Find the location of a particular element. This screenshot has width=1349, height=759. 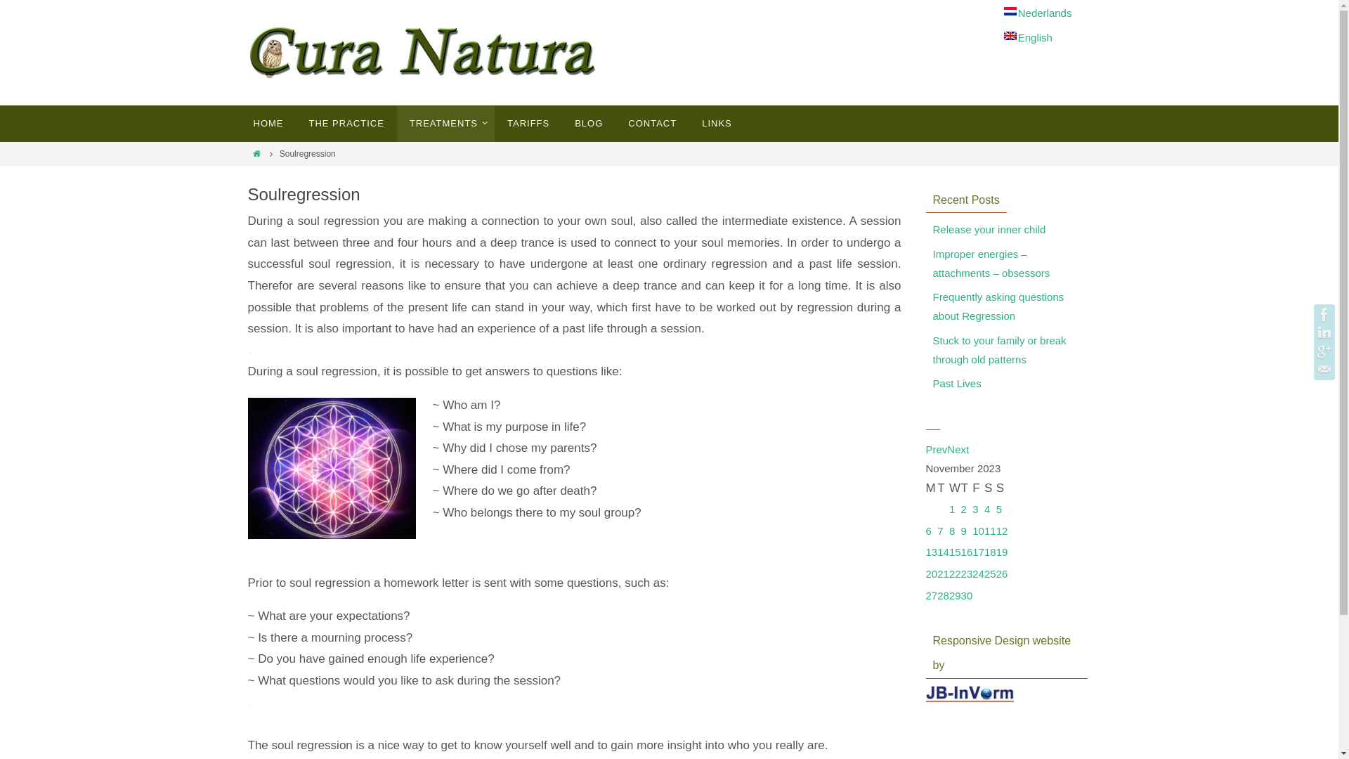

'18' is located at coordinates (989, 552).